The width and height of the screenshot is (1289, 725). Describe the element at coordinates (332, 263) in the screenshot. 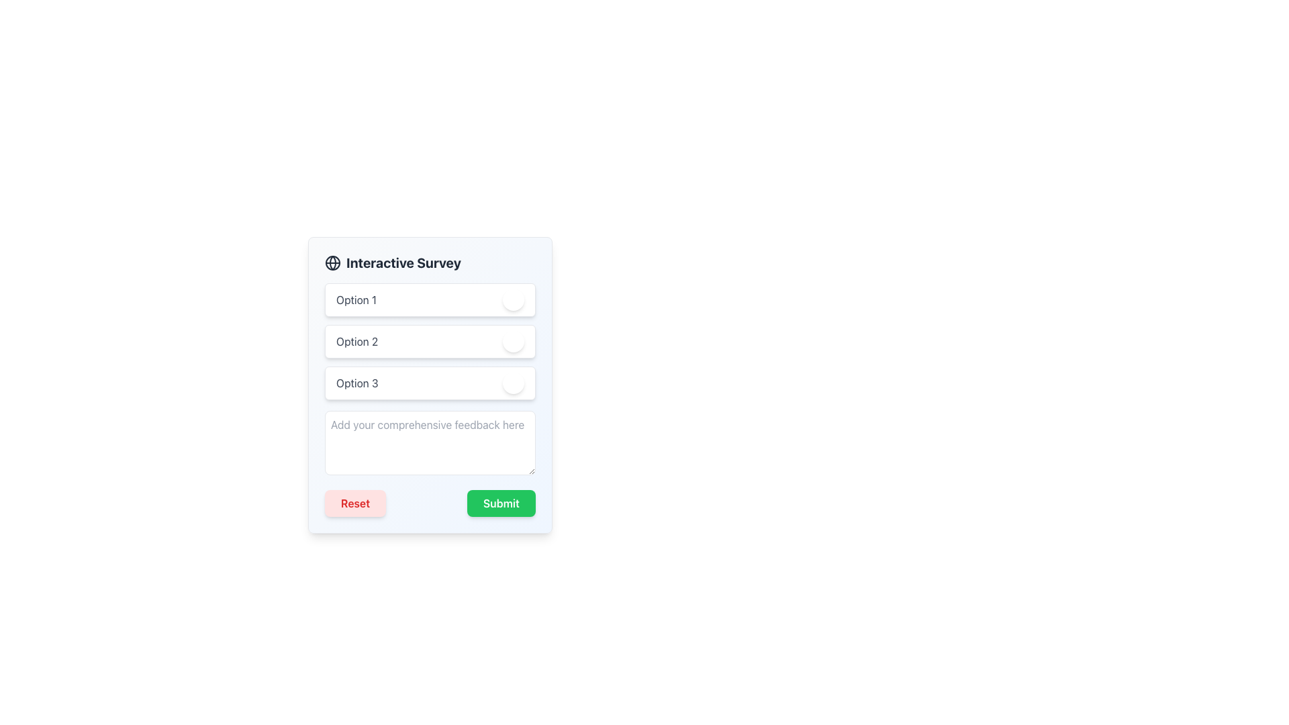

I see `the globe icon located to the left of the text 'Interactive Survey' in the header of the survey form` at that location.